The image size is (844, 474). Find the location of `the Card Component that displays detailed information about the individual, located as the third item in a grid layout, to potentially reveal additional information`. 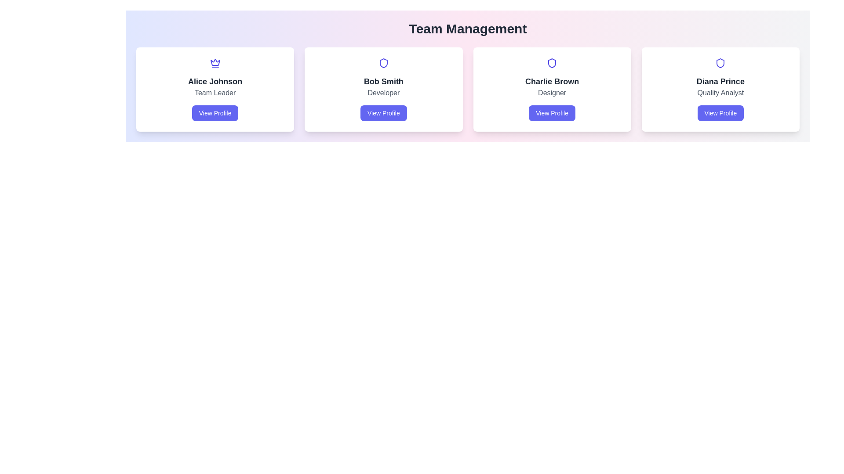

the Card Component that displays detailed information about the individual, located as the third item in a grid layout, to potentially reveal additional information is located at coordinates (552, 90).